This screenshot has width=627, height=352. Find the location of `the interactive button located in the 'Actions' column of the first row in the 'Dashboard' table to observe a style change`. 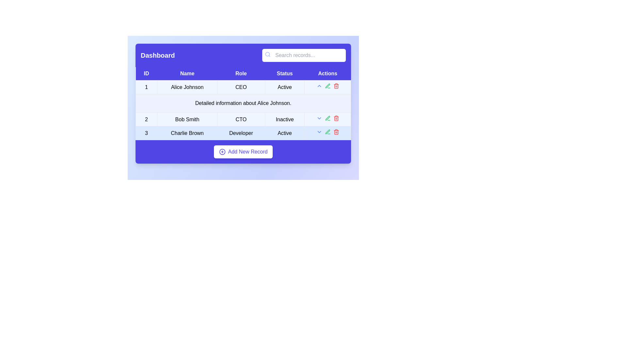

the interactive button located in the 'Actions' column of the first row in the 'Dashboard' table to observe a style change is located at coordinates (319, 132).